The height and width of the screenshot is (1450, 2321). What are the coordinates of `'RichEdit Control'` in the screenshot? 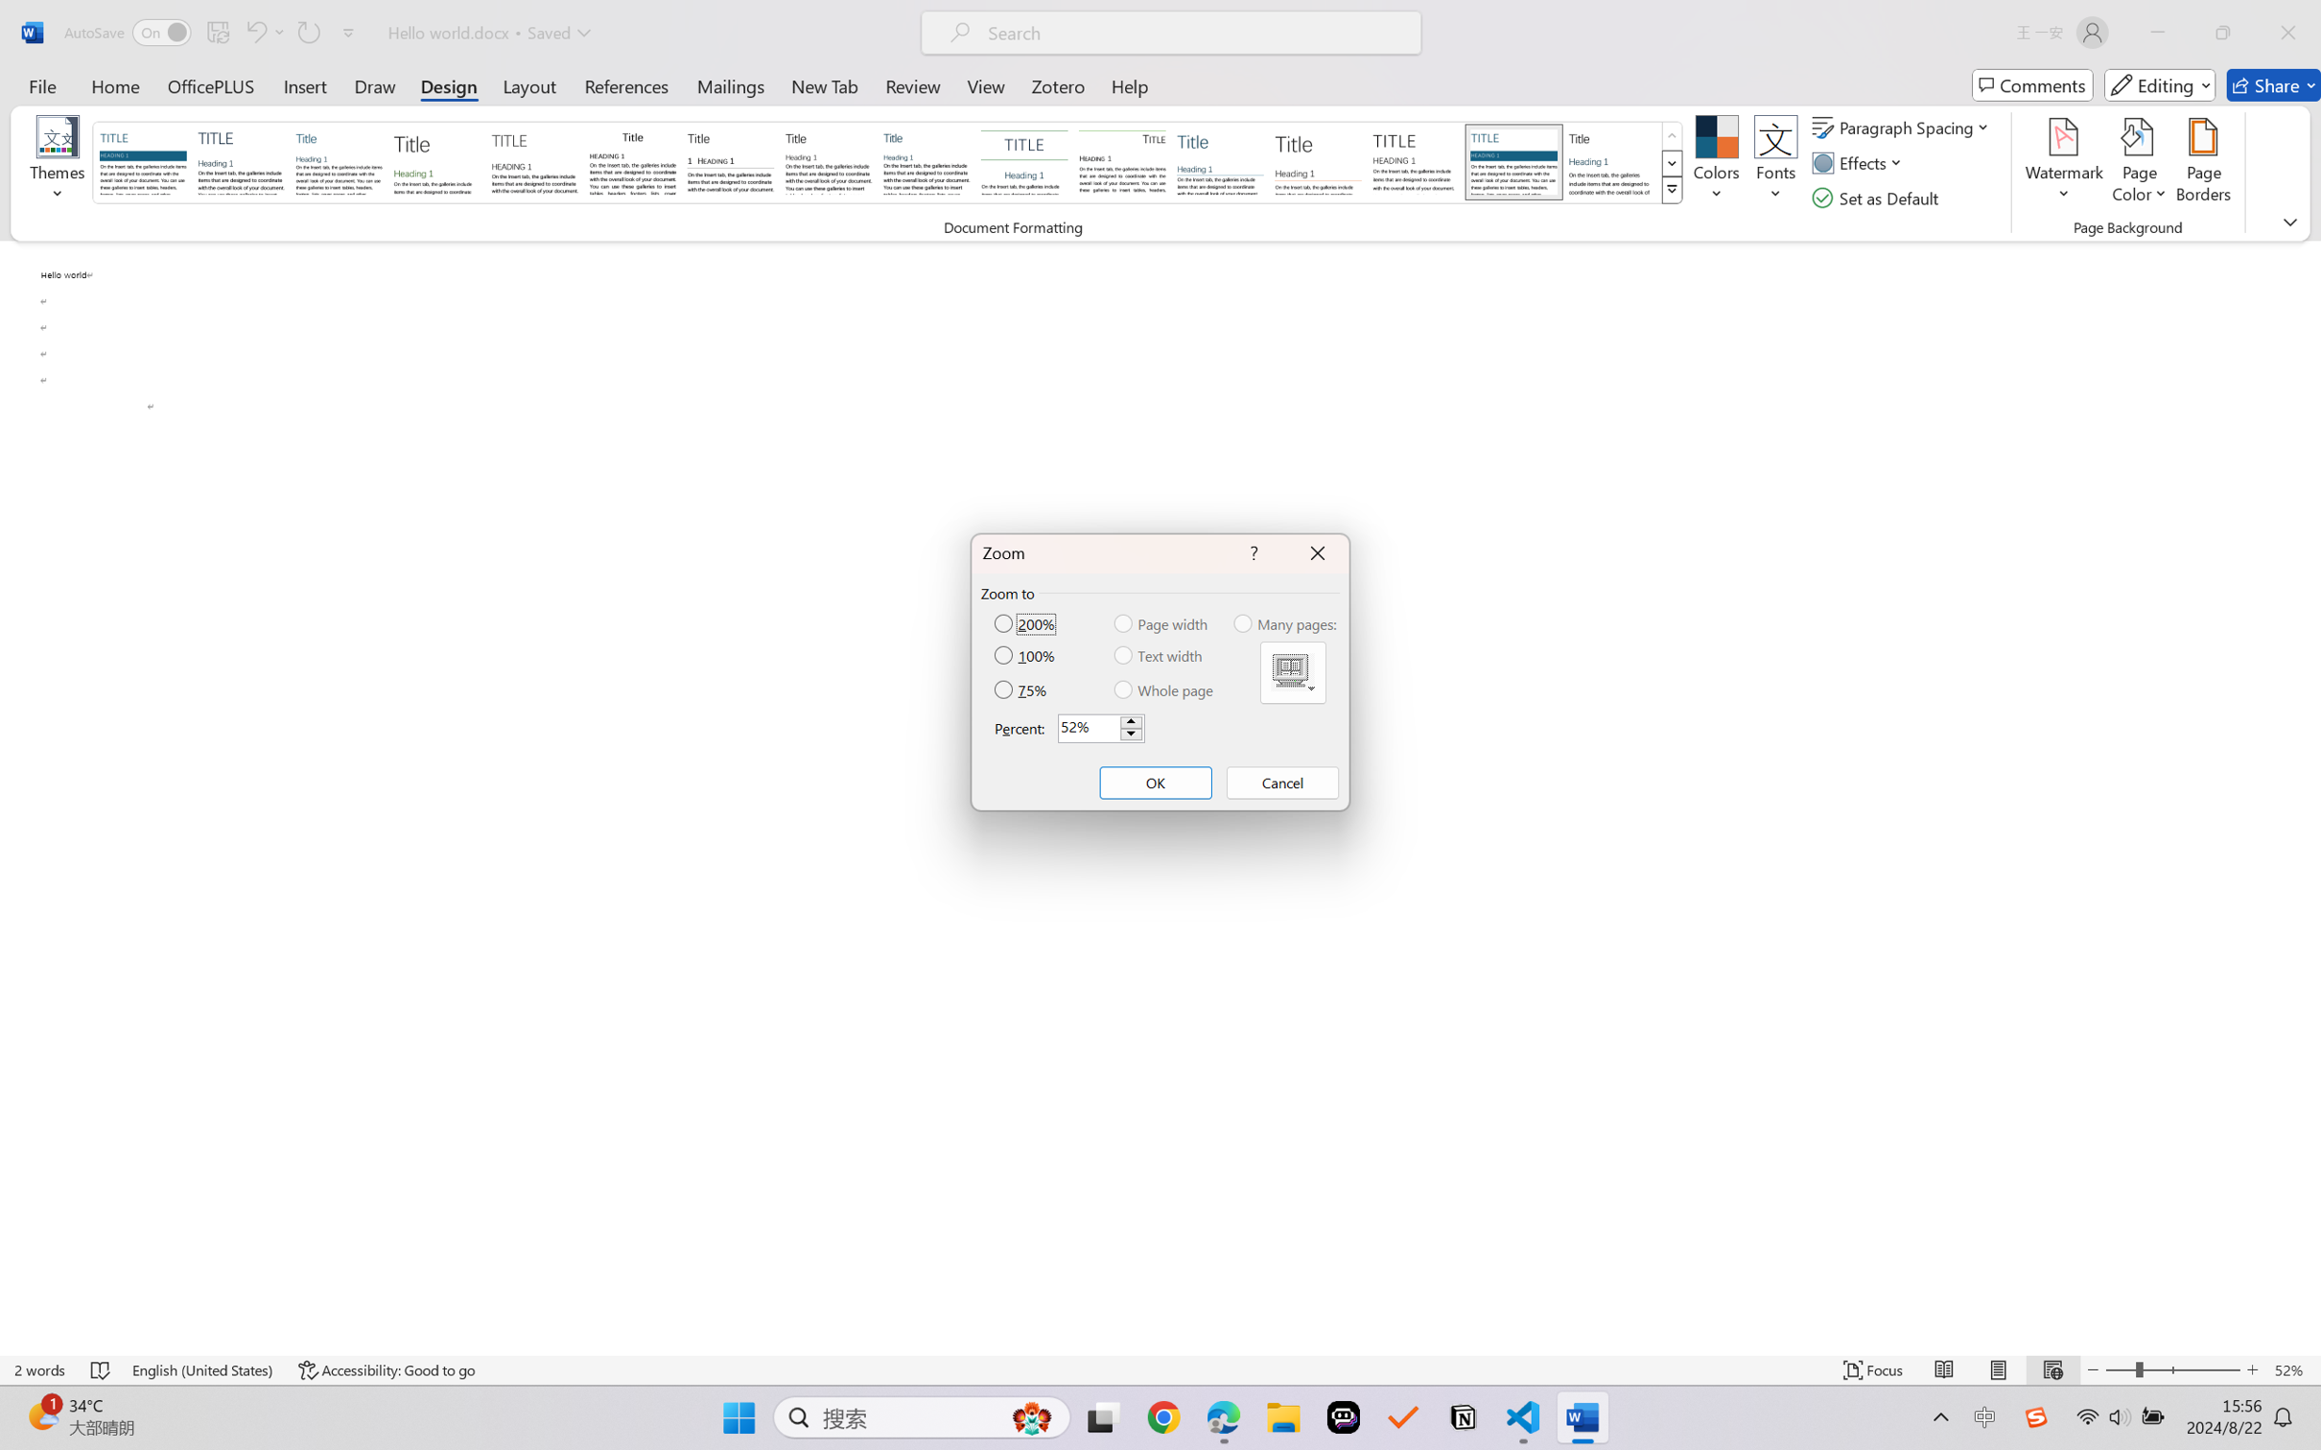 It's located at (1088, 728).